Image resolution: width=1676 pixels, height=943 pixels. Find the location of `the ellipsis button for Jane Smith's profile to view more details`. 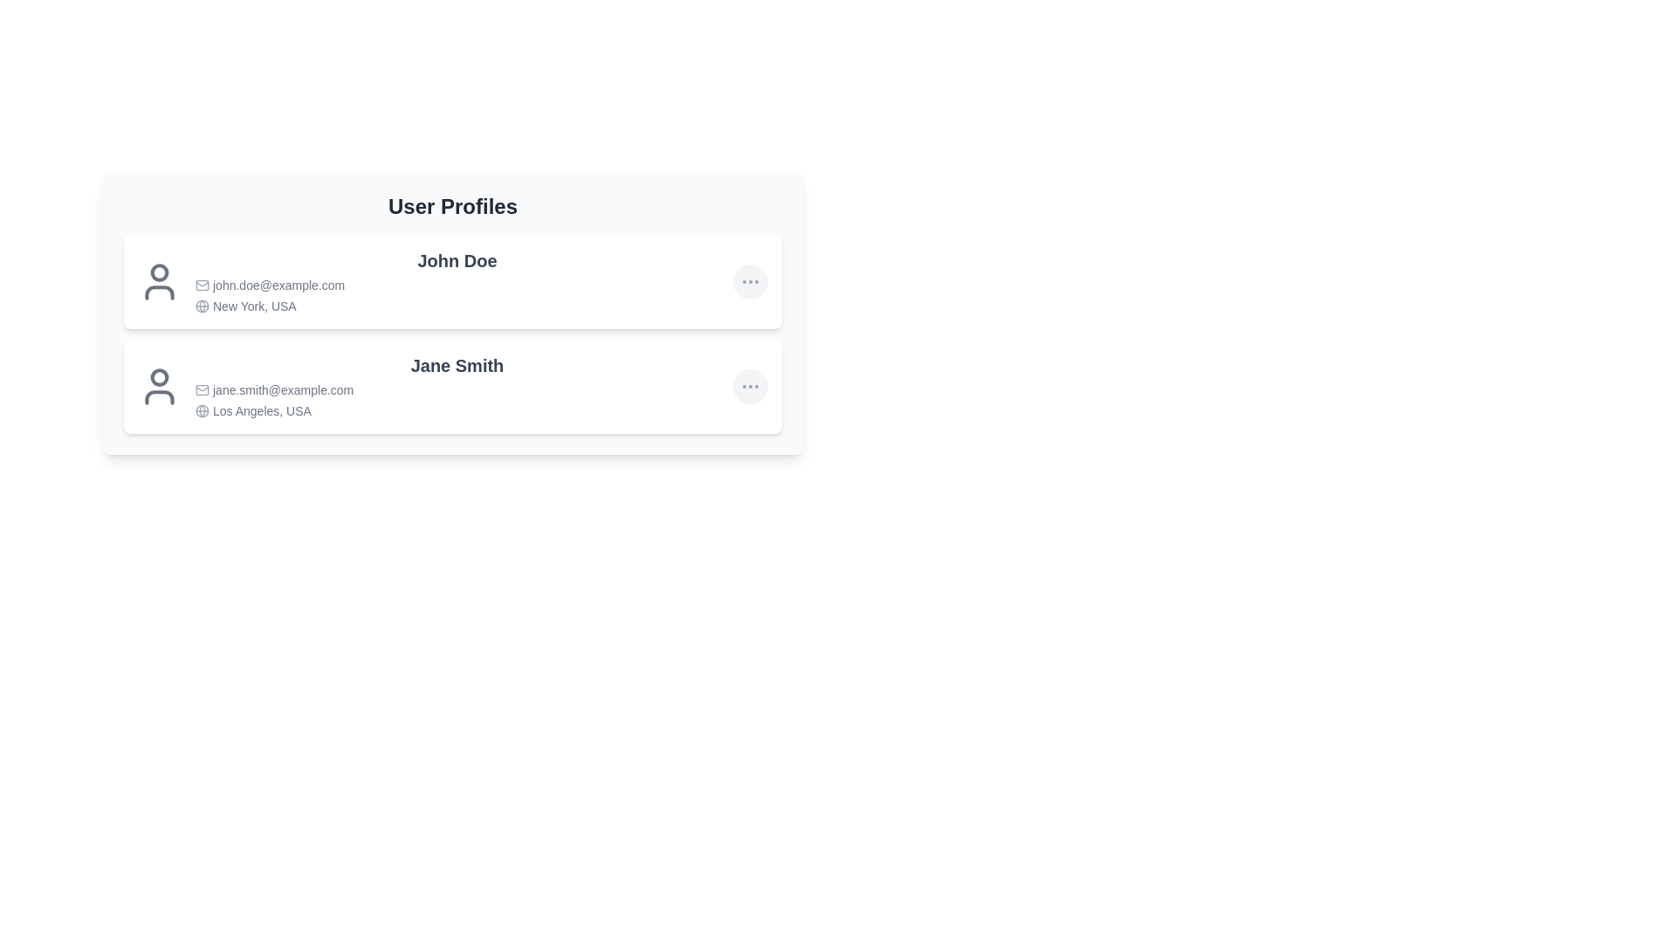

the ellipsis button for Jane Smith's profile to view more details is located at coordinates (750, 386).